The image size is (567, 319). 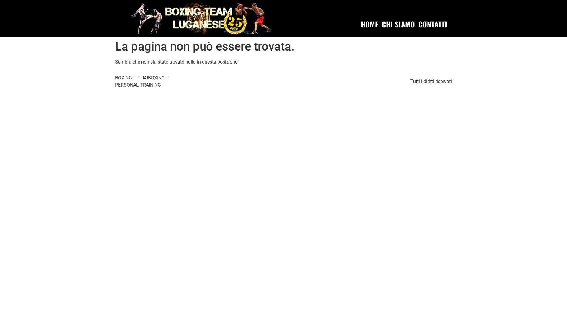 I want to click on 'HOME', so click(x=369, y=24).